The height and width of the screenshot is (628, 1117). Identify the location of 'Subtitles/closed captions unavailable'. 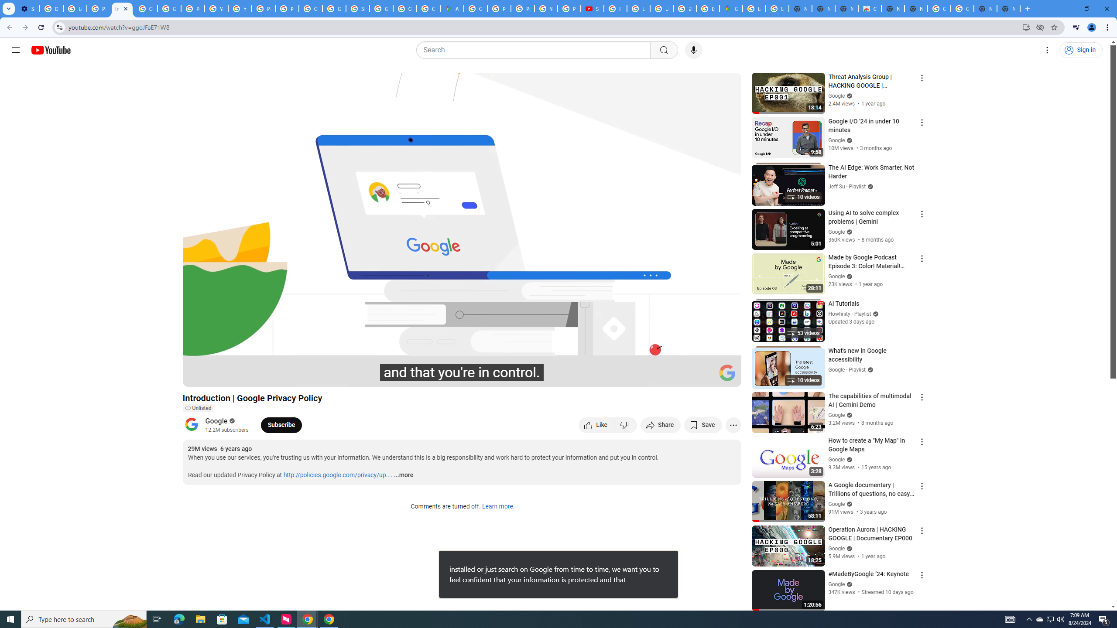
(641, 376).